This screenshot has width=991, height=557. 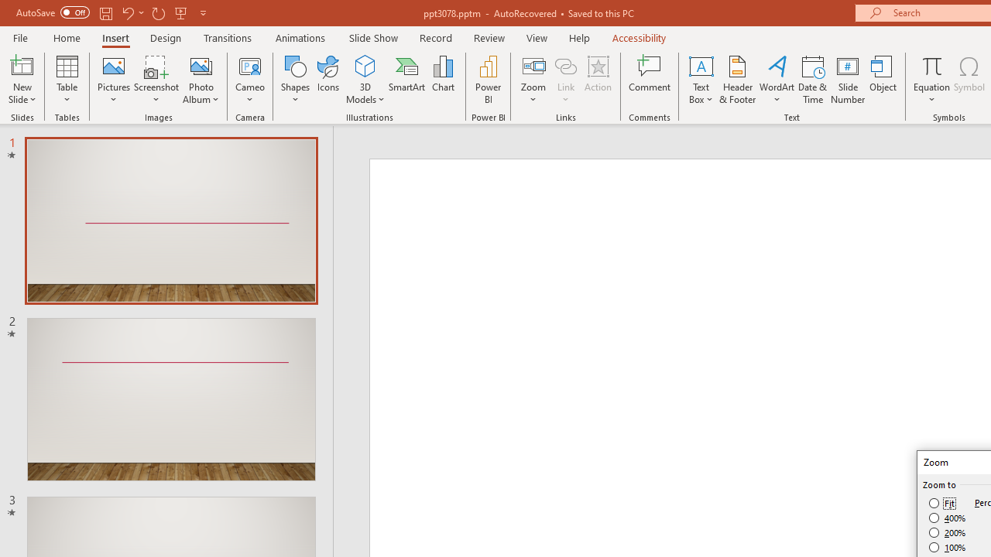 I want to click on '3D Models', so click(x=365, y=65).